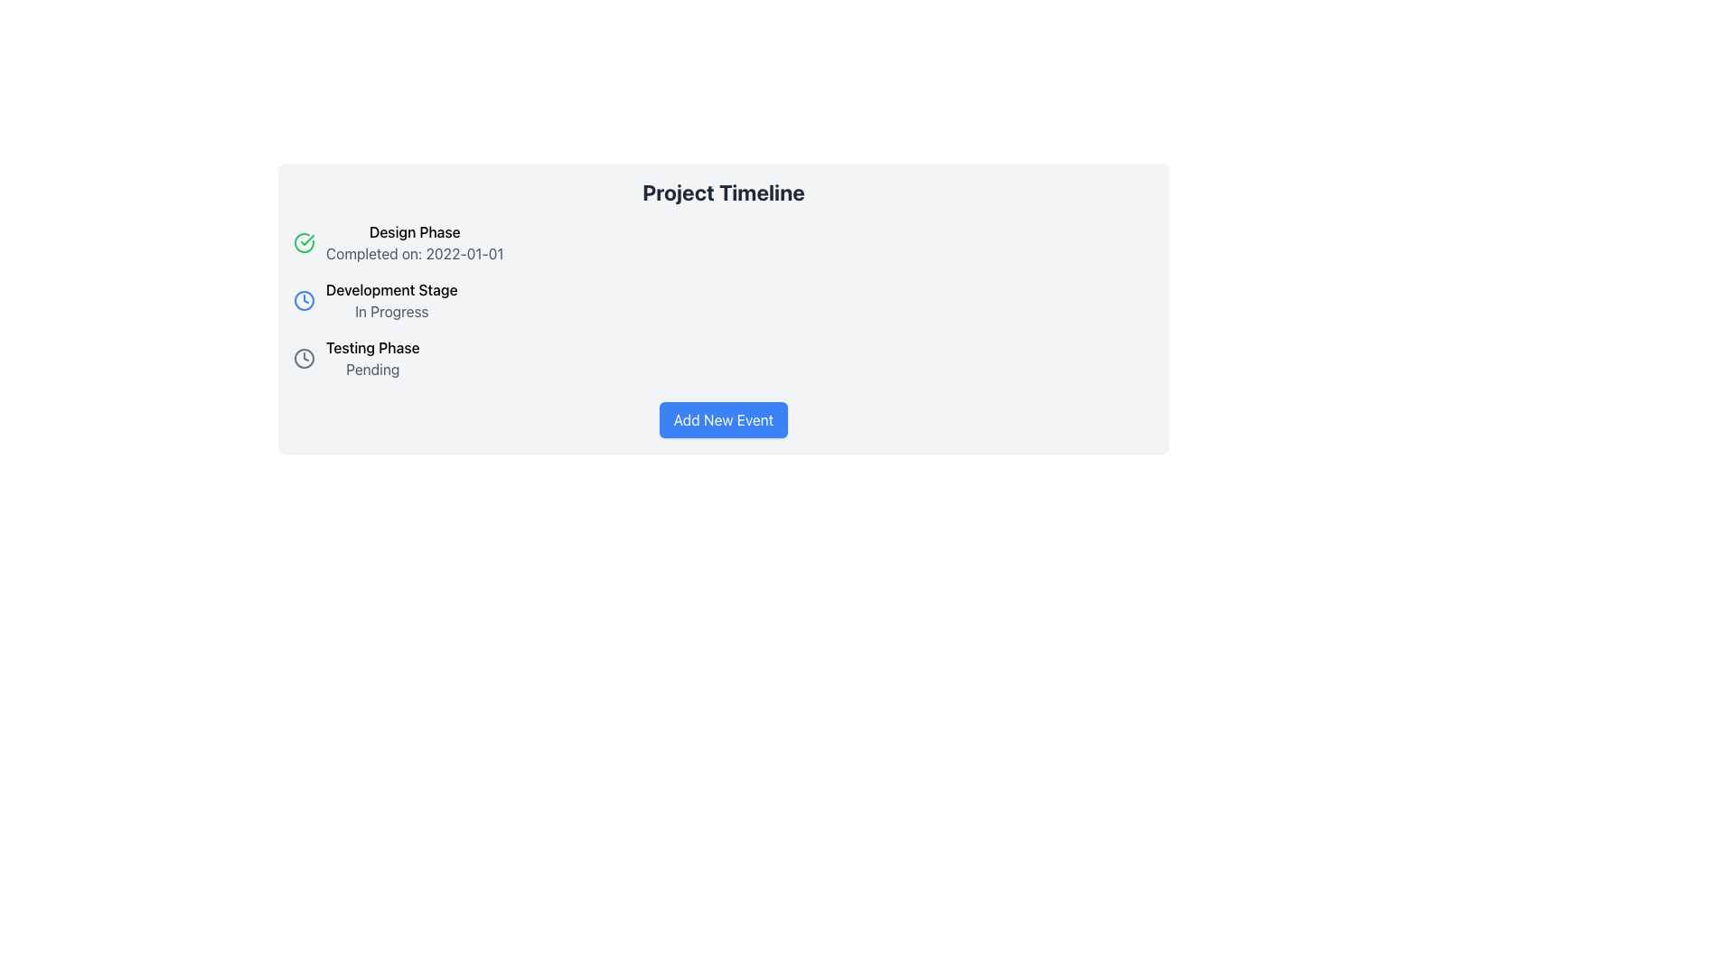  I want to click on the SVG Circle that represents the decorative boundary for the clock icon indicating the 'Development Stage' progress status in the 'Project Timeline' section, so click(304, 359).